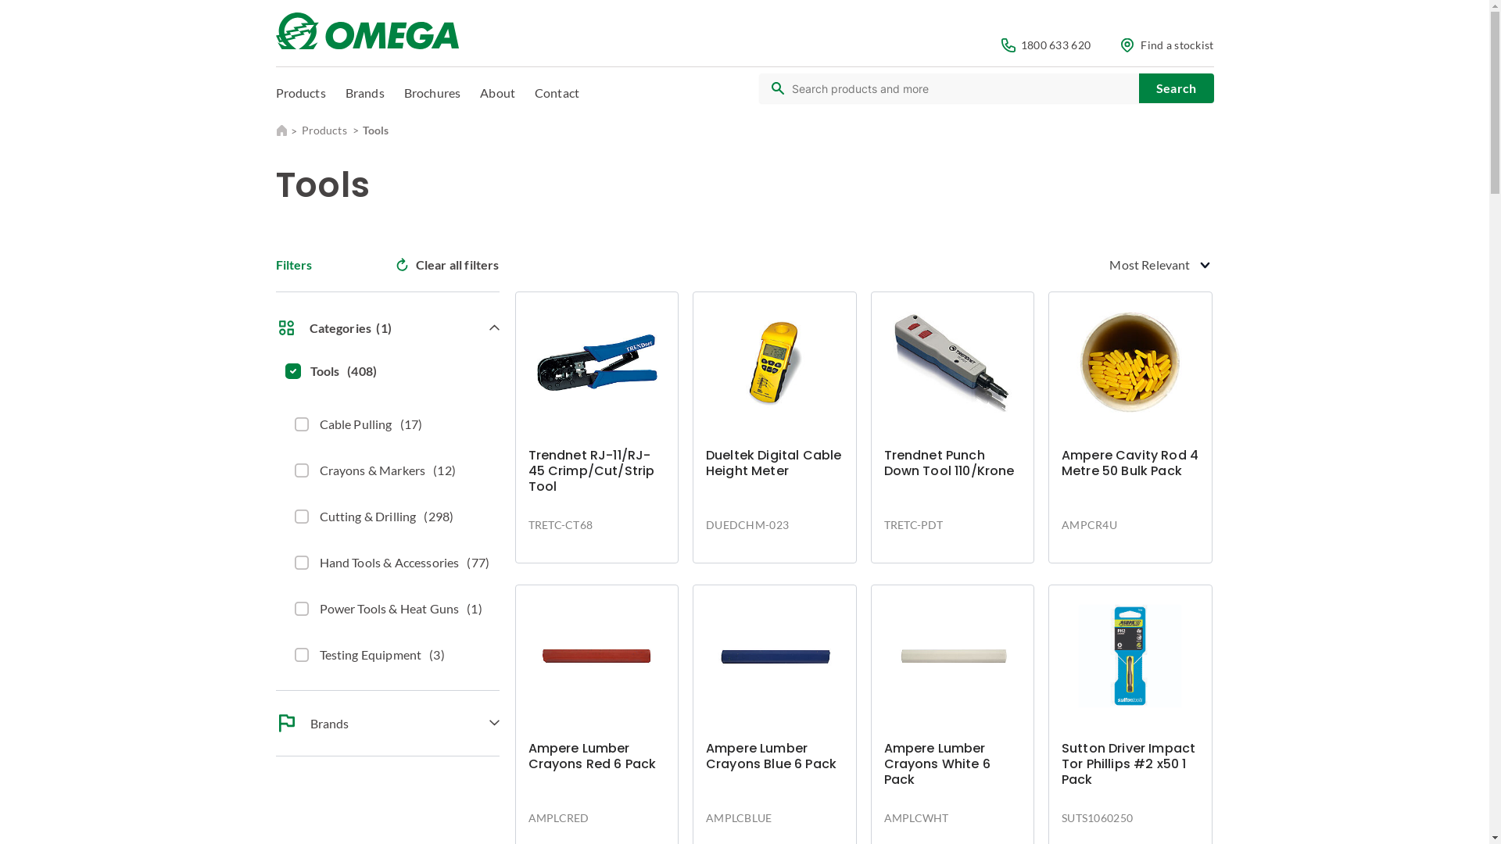  What do you see at coordinates (557, 91) in the screenshot?
I see `'Contact'` at bounding box center [557, 91].